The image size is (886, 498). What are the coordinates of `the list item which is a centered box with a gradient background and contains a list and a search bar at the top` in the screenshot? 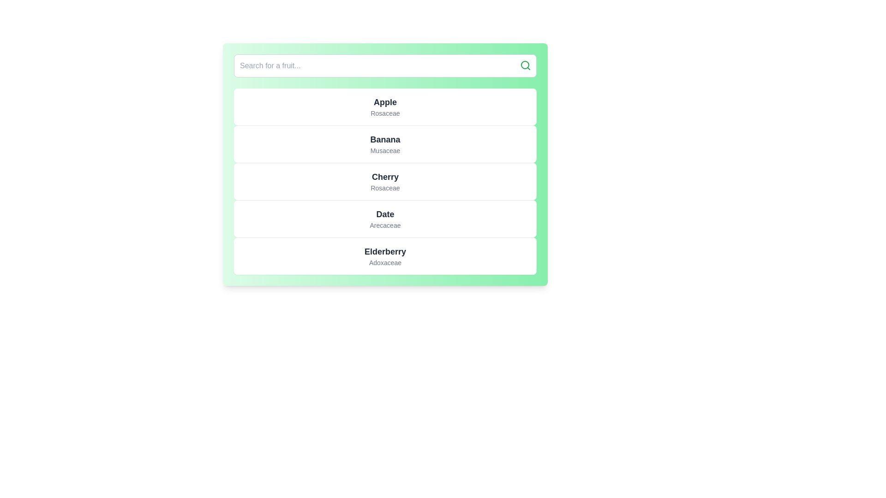 It's located at (385, 164).